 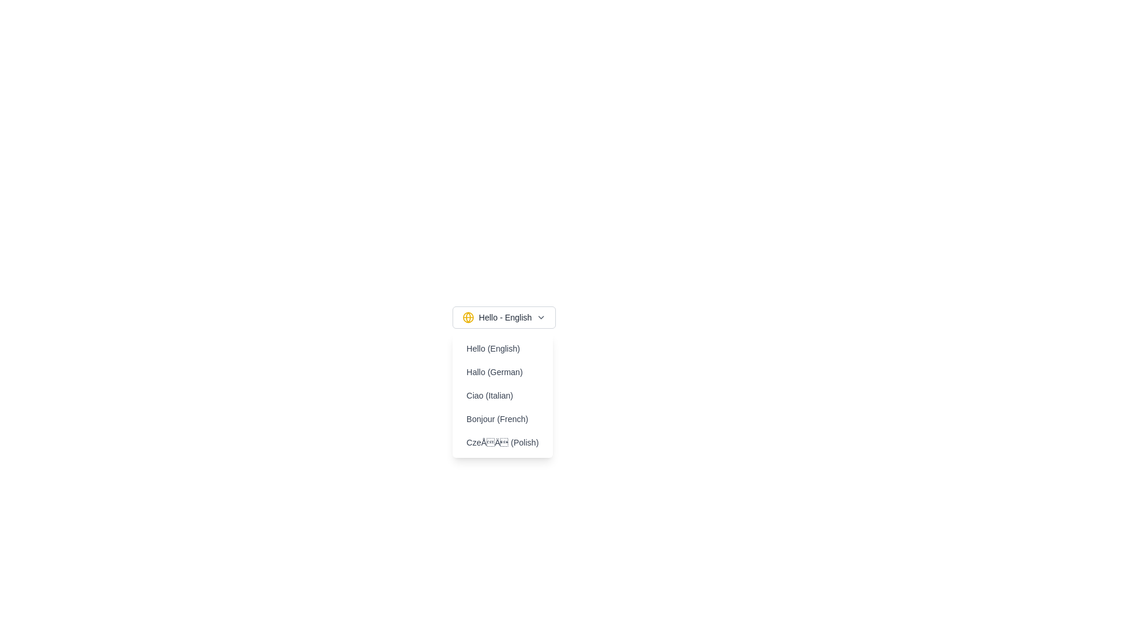 What do you see at coordinates (502, 396) in the screenshot?
I see `the dropdown menu item displaying 'Ciao (Italian)'` at bounding box center [502, 396].